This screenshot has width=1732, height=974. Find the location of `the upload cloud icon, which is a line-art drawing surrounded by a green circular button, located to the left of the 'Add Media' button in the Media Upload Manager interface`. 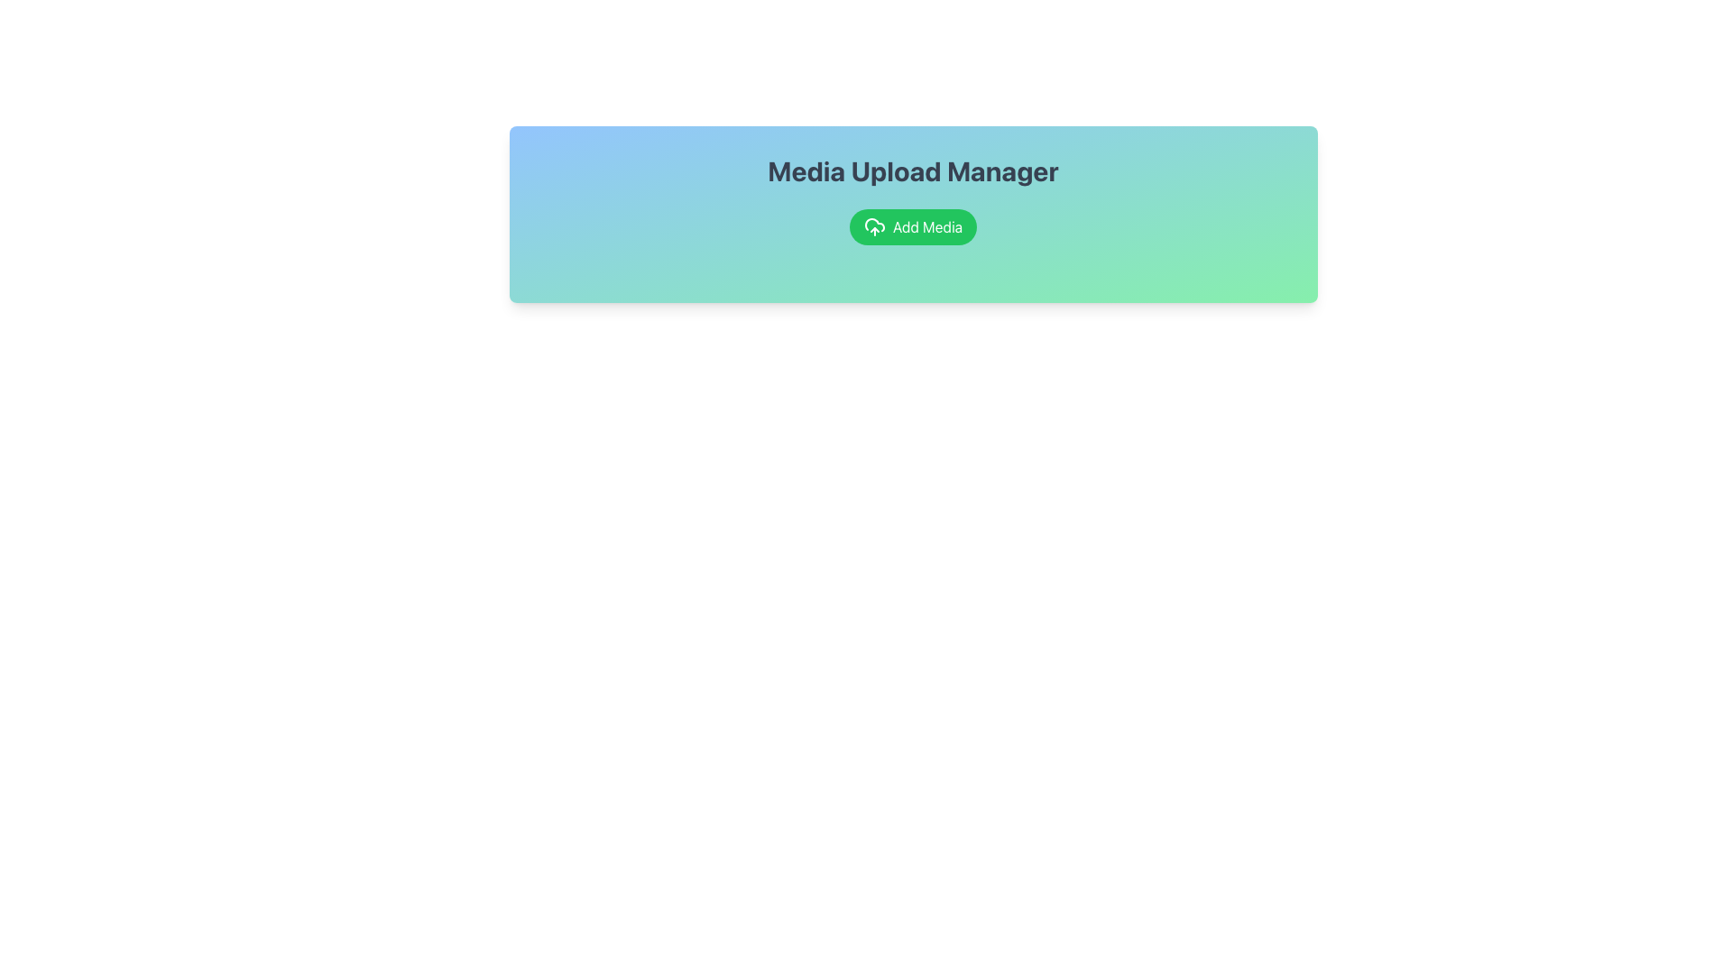

the upload cloud icon, which is a line-art drawing surrounded by a green circular button, located to the left of the 'Add Media' button in the Media Upload Manager interface is located at coordinates (874, 225).